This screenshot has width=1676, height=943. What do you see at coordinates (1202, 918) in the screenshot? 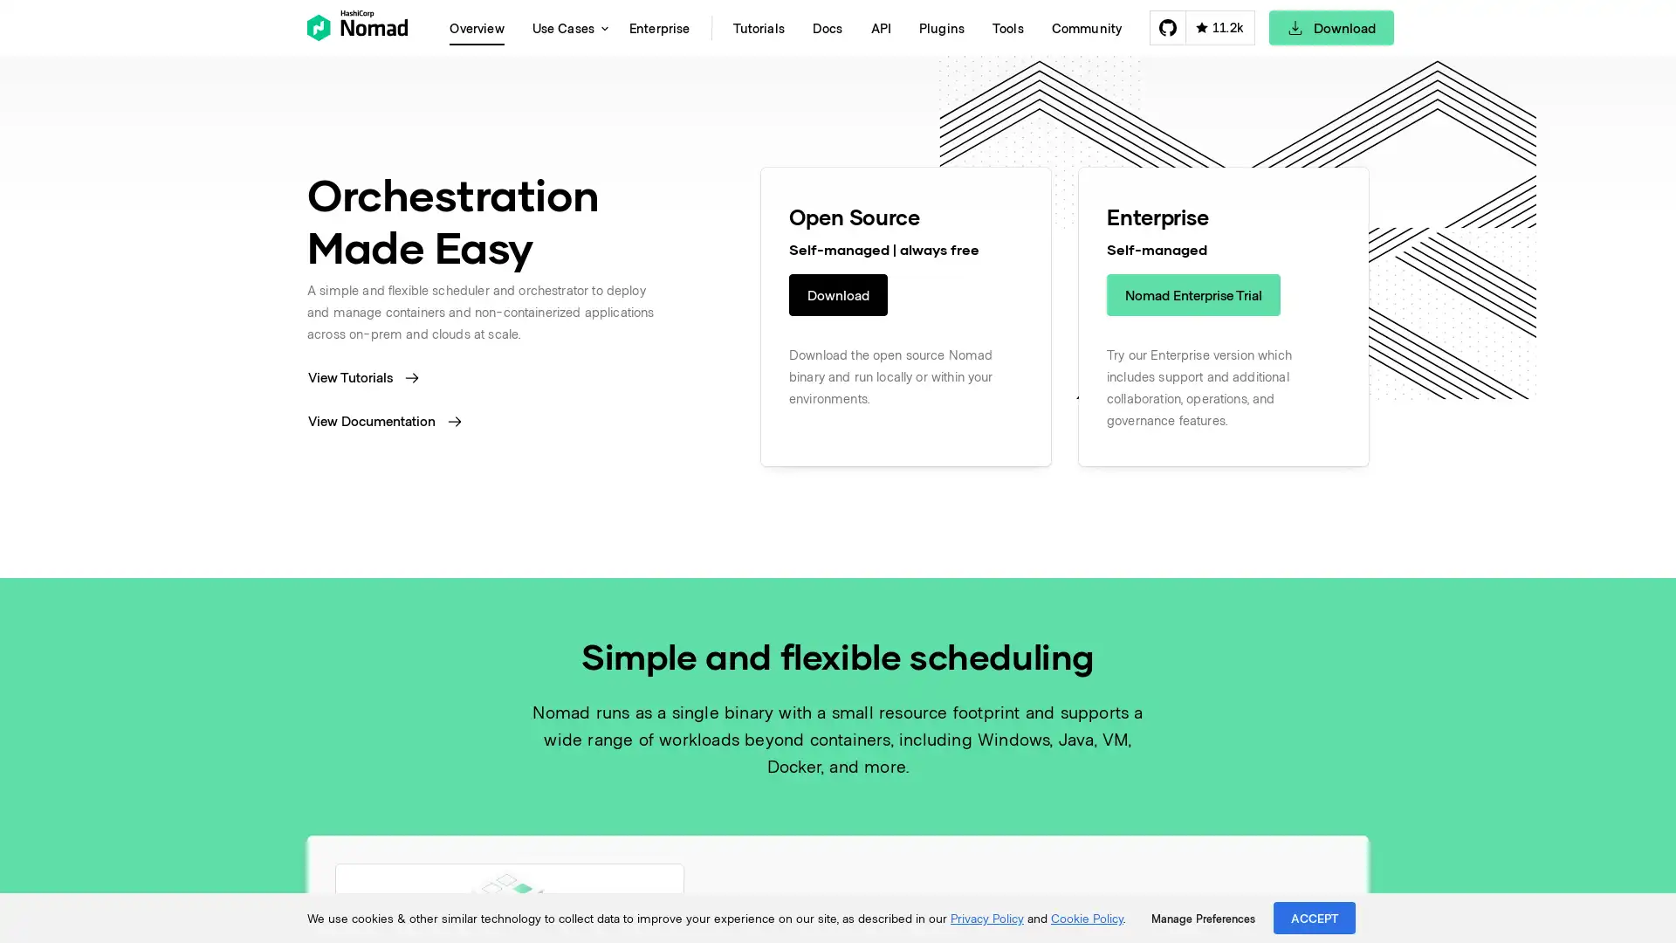
I see `Manage Preferences` at bounding box center [1202, 918].